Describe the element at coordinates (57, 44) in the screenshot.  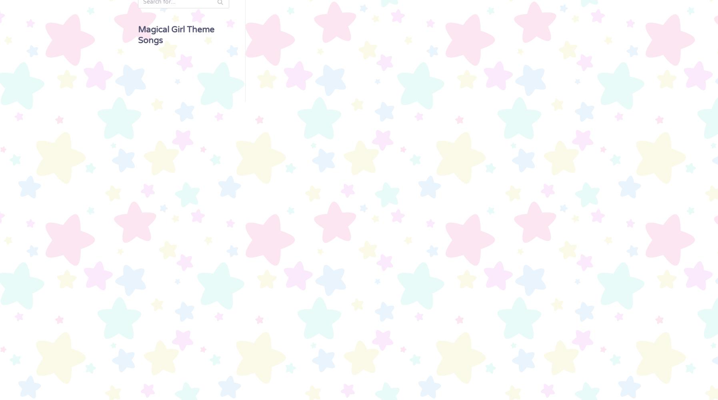
I see `'Mahou no Tenshi Creamy Mami'` at that location.